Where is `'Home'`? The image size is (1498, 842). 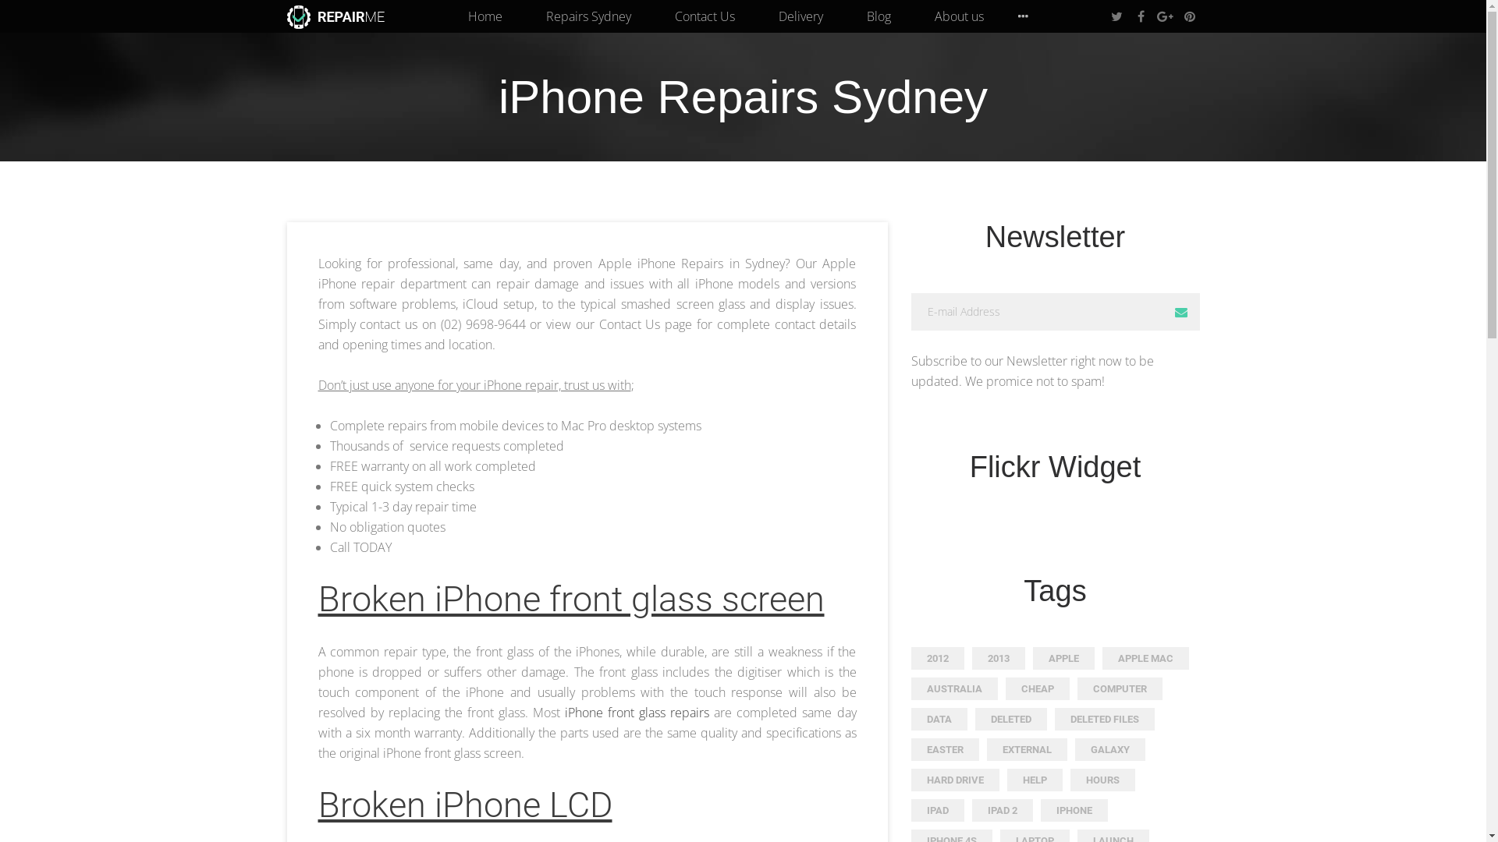 'Home' is located at coordinates (485, 16).